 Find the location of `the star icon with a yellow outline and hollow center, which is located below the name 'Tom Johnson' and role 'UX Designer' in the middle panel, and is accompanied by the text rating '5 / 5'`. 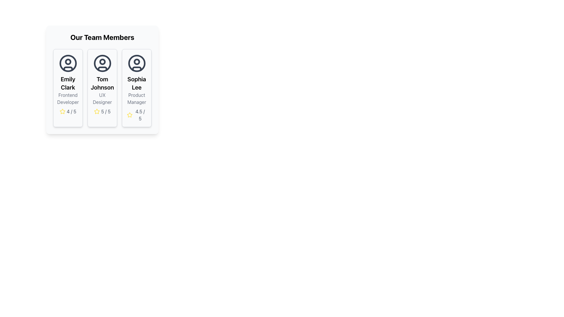

the star icon with a yellow outline and hollow center, which is located below the name 'Tom Johnson' and role 'UX Designer' in the middle panel, and is accompanied by the text rating '5 / 5' is located at coordinates (97, 112).